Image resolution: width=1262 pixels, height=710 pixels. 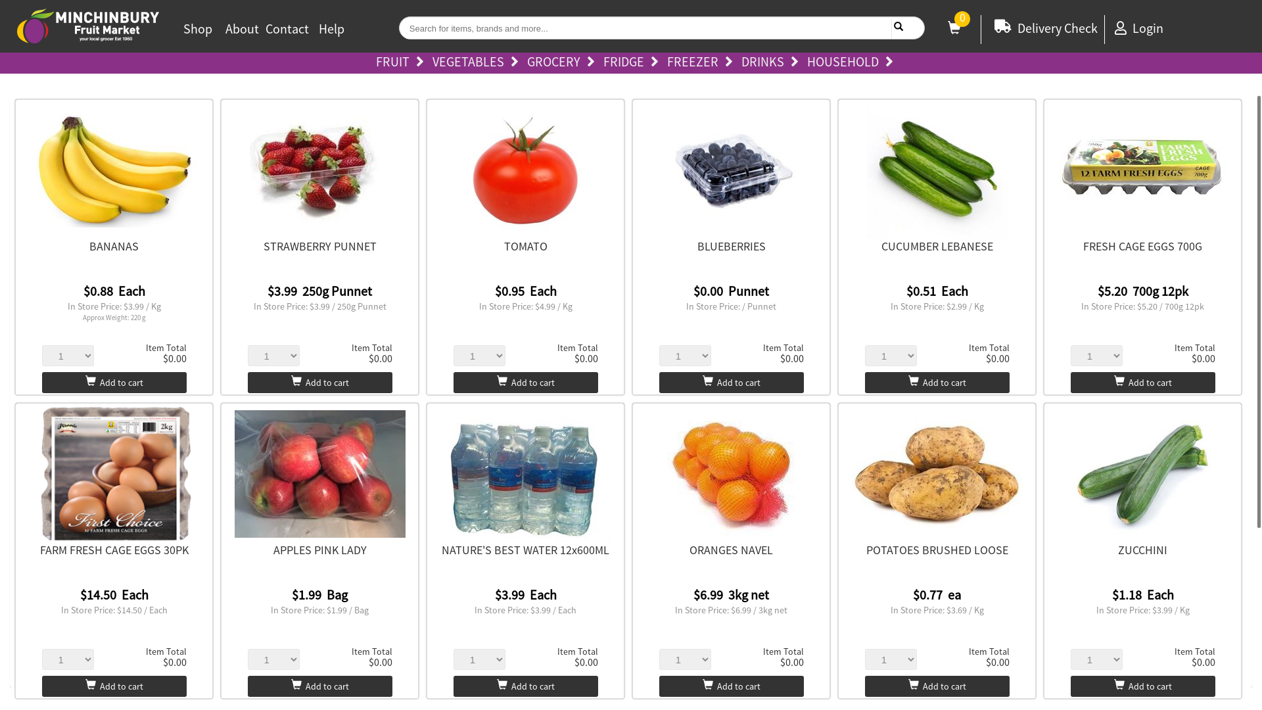 I want to click on 'POTATOES BRUSHED LOOSE', so click(x=936, y=550).